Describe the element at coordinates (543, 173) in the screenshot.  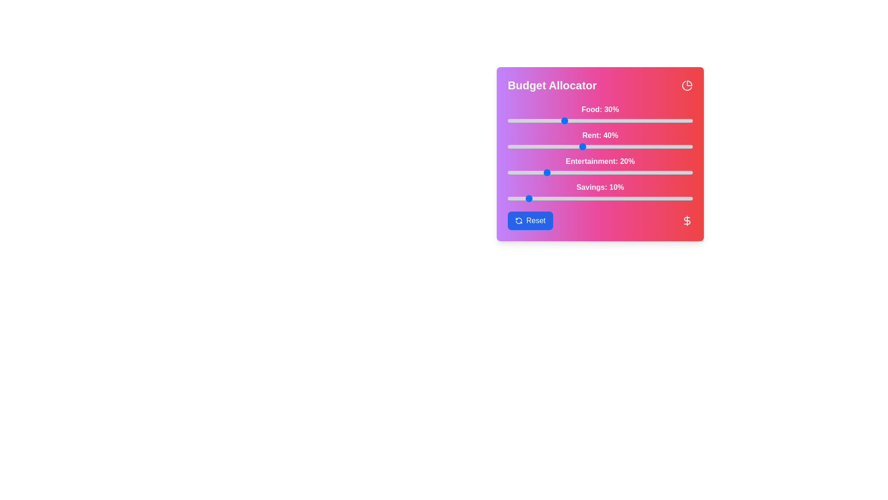
I see `the slider value` at that location.